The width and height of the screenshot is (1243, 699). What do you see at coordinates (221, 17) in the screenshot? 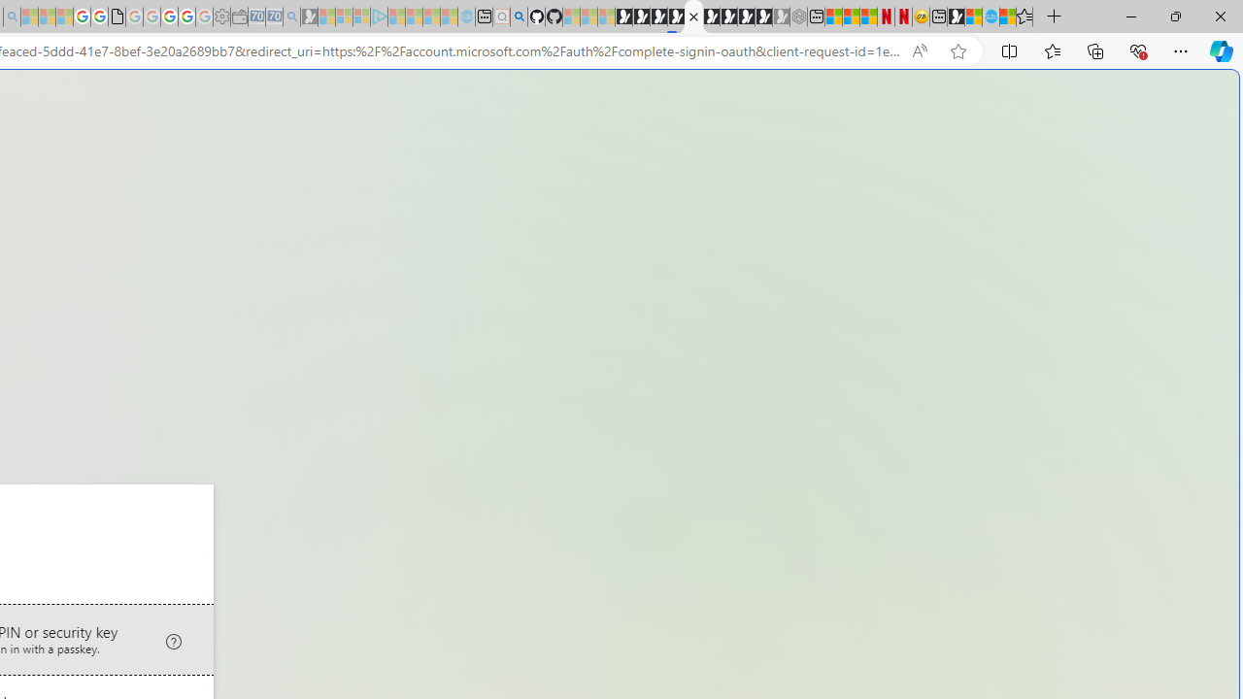
I see `'Settings - Sleeping'` at bounding box center [221, 17].